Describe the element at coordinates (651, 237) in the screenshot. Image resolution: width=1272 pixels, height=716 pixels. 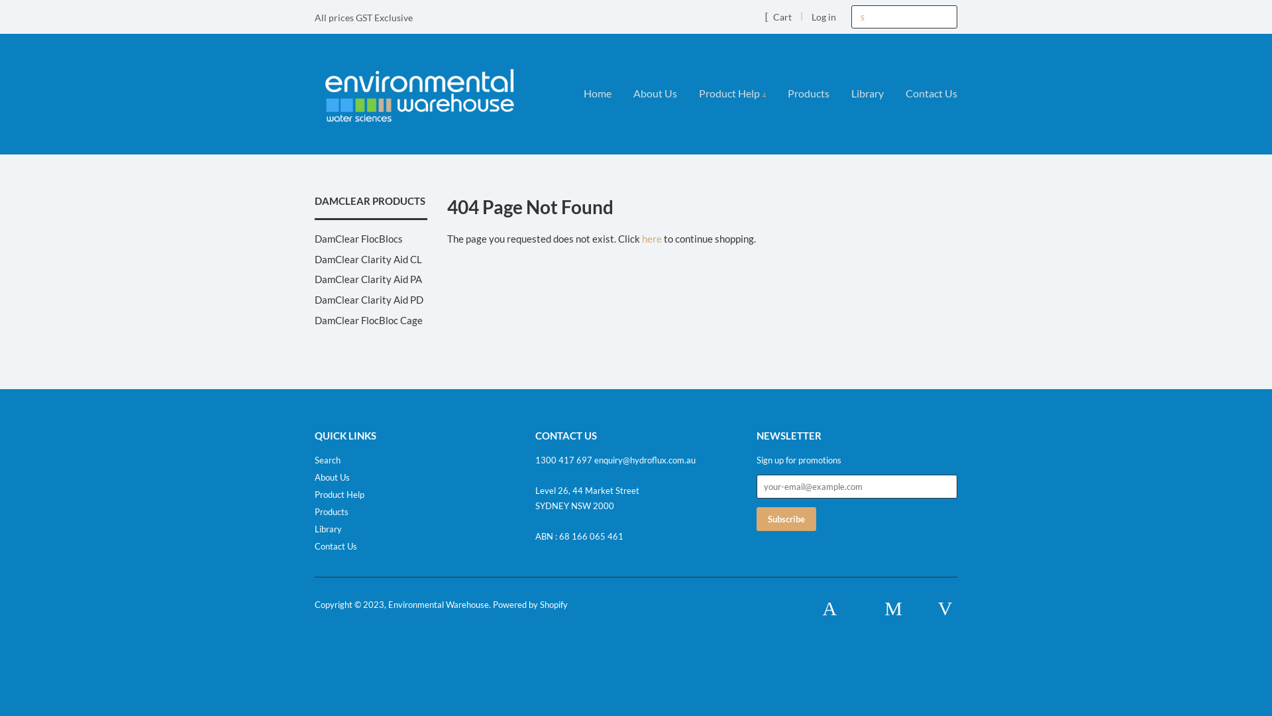
I see `'here'` at that location.